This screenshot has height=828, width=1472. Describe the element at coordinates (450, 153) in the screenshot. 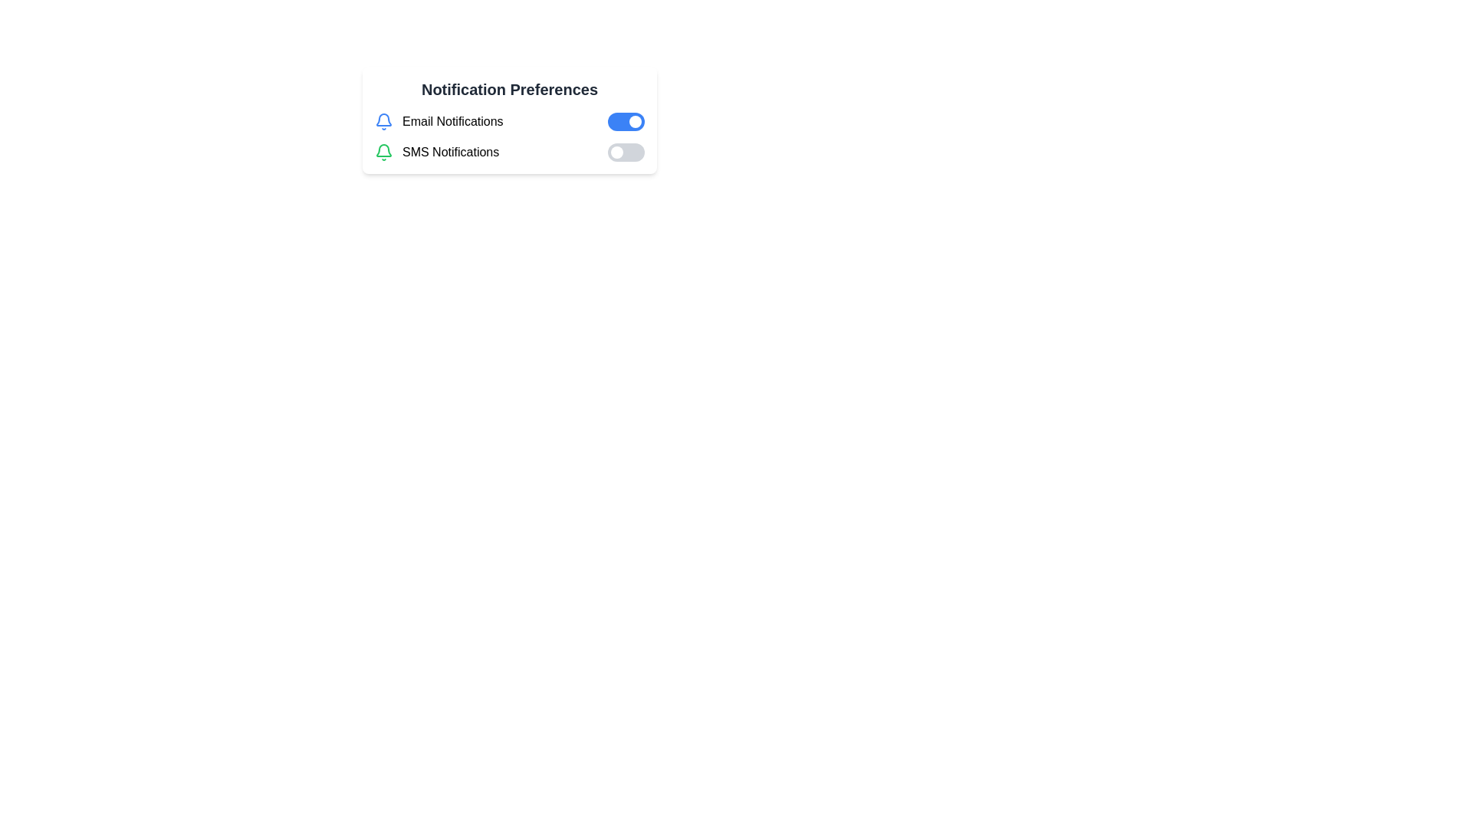

I see `text label displaying 'SMS Notifications', which is the second item in a vertical list under the 'Notification Preferences' heading` at that location.